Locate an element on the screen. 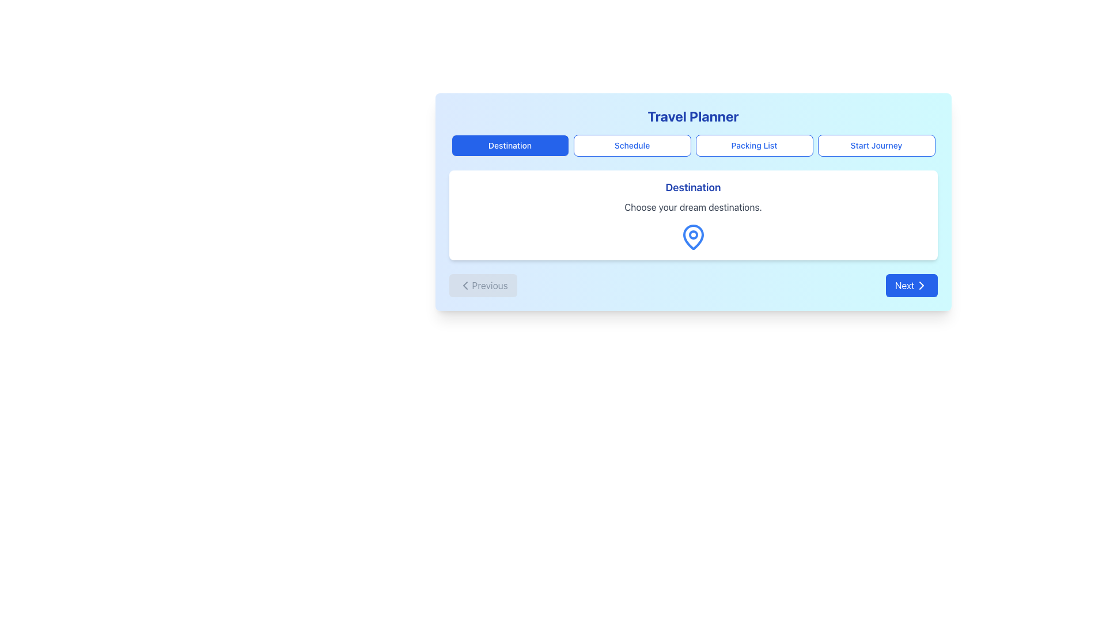 Image resolution: width=1106 pixels, height=622 pixels. the text label displaying 'Schedule' in blue, centrally located within the navigation bar's button component is located at coordinates (631, 145).